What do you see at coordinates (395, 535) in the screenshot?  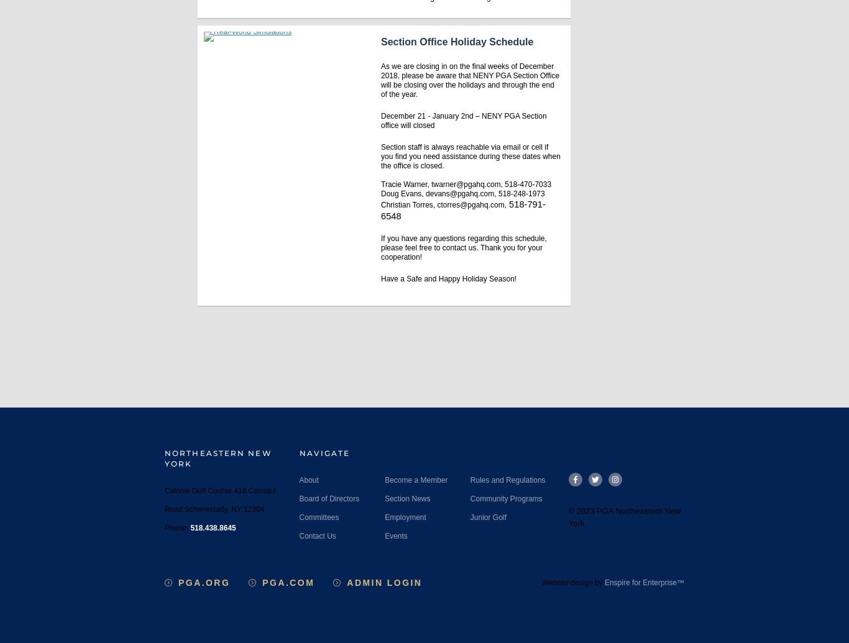 I see `'Events'` at bounding box center [395, 535].